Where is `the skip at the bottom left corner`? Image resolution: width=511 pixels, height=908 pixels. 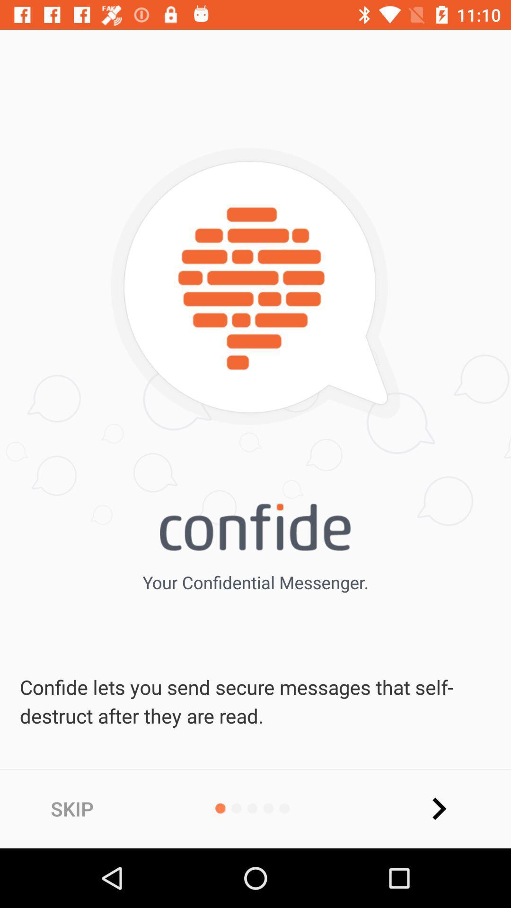
the skip at the bottom left corner is located at coordinates (71, 808).